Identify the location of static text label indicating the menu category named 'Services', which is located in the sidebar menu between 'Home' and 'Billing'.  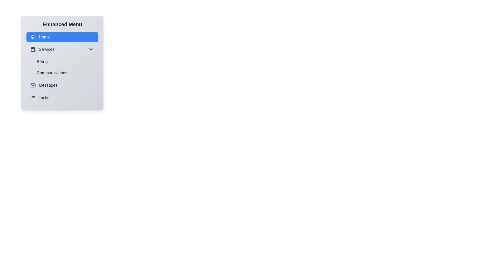
(46, 49).